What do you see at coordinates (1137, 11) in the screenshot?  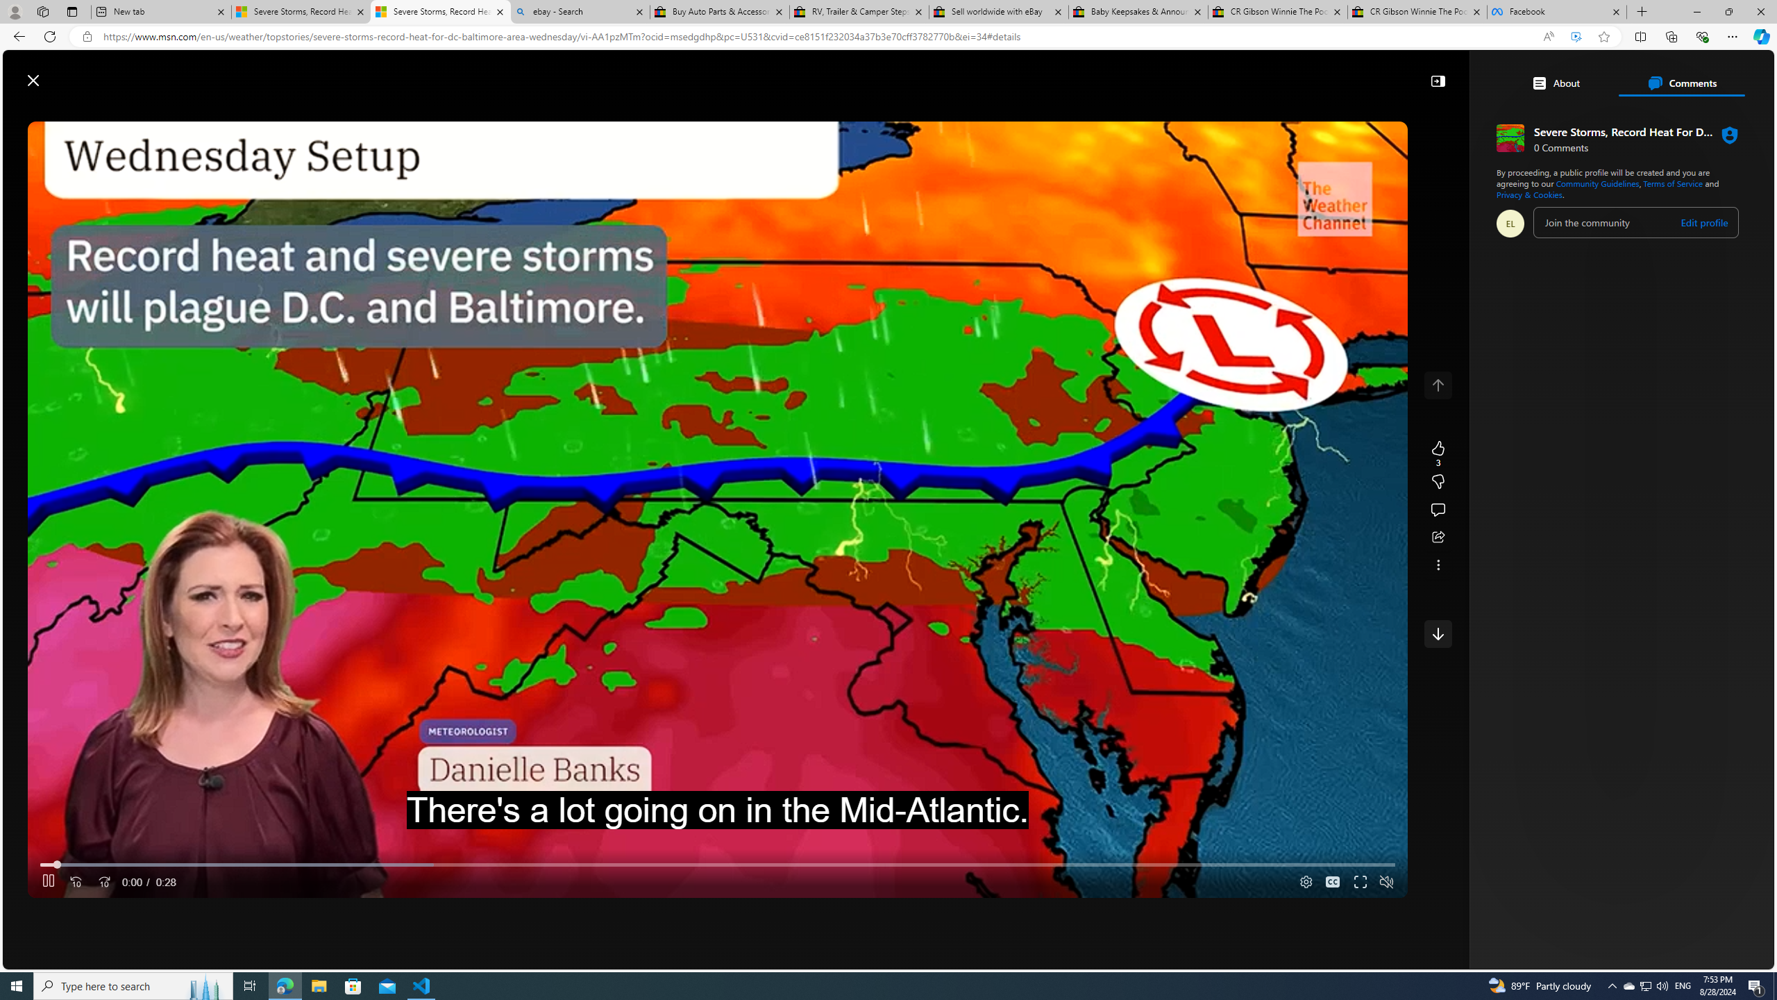 I see `'Baby Keepsakes & Announcements for sale | eBay'` at bounding box center [1137, 11].